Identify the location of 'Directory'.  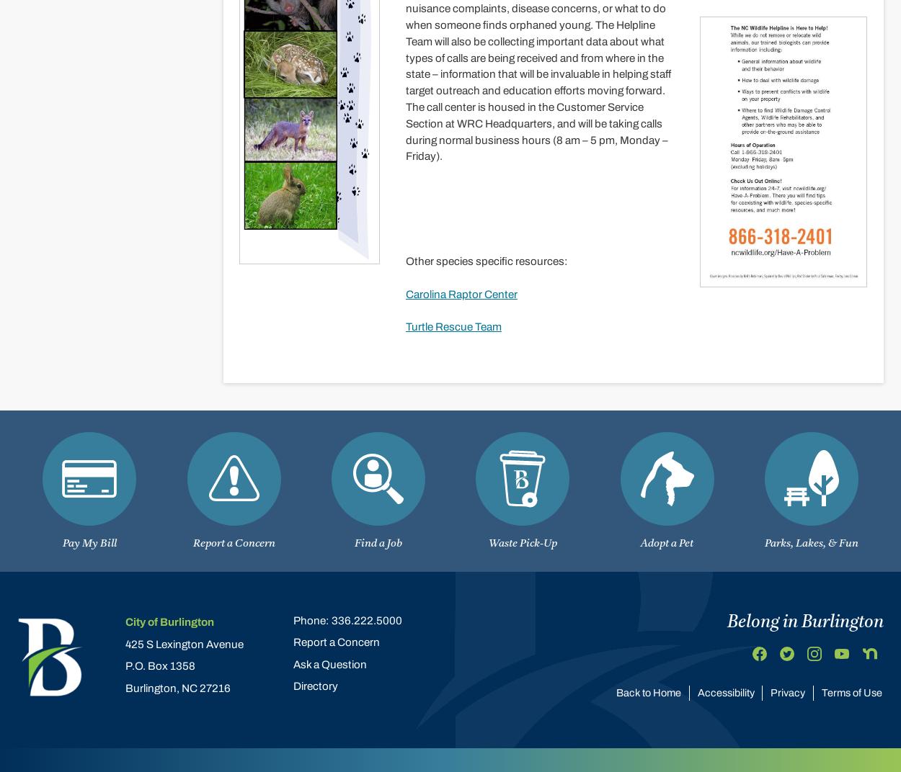
(316, 686).